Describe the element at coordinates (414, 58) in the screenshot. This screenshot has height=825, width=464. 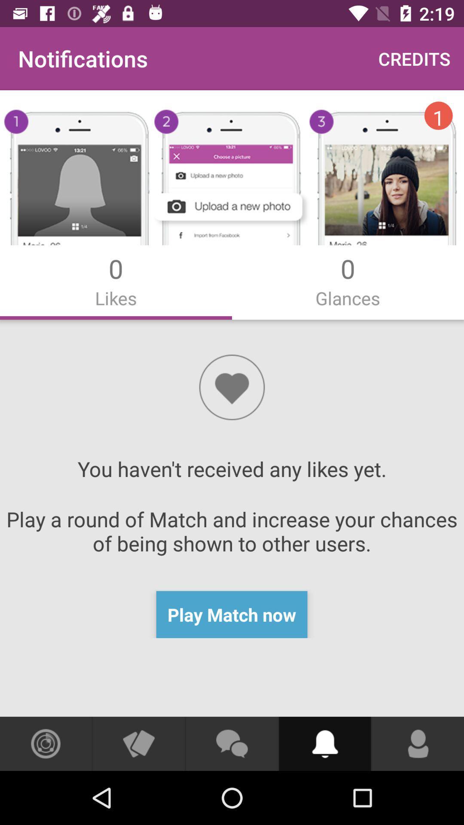
I see `credits` at that location.